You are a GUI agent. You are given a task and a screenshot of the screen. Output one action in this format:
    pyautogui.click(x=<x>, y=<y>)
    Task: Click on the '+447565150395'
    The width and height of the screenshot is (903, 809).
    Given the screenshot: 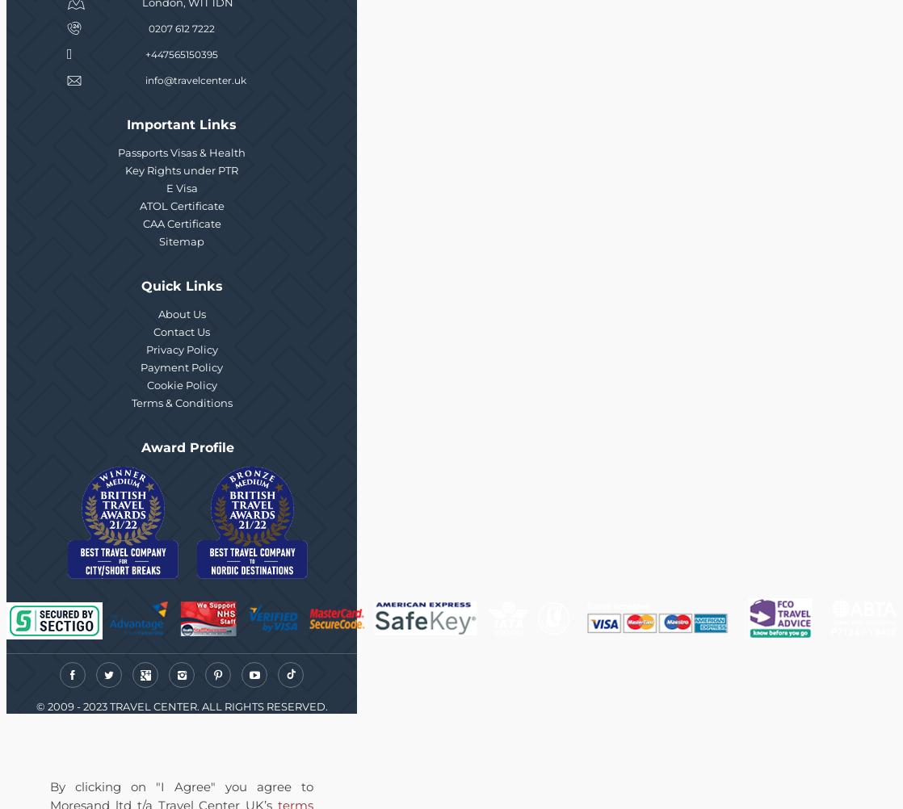 What is the action you would take?
    pyautogui.click(x=182, y=54)
    